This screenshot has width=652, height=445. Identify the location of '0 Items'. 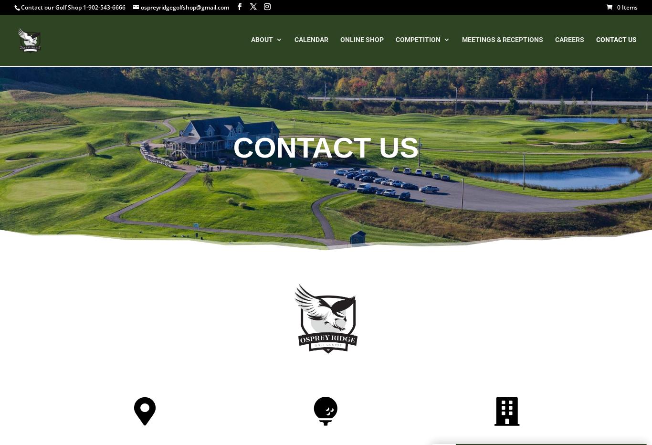
(627, 7).